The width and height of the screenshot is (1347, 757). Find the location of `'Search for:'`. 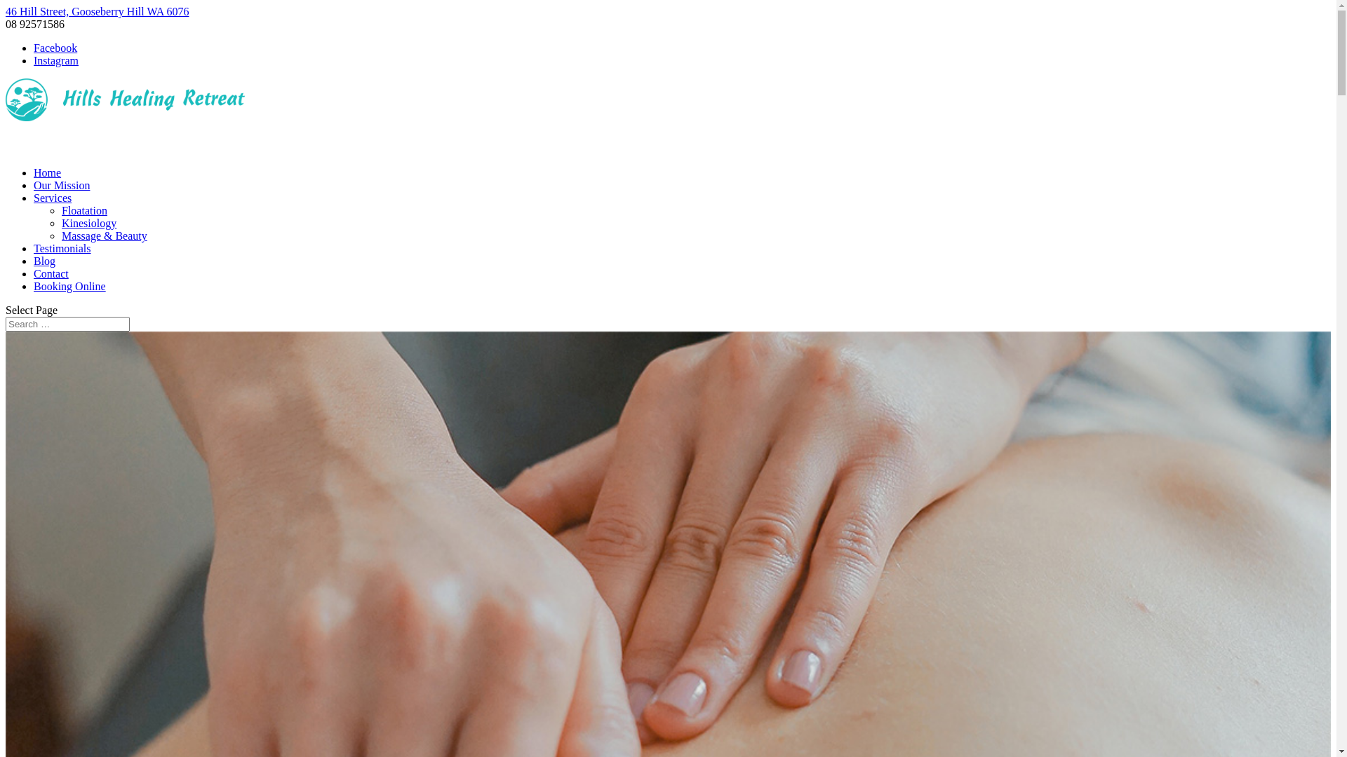

'Search for:' is located at coordinates (67, 324).